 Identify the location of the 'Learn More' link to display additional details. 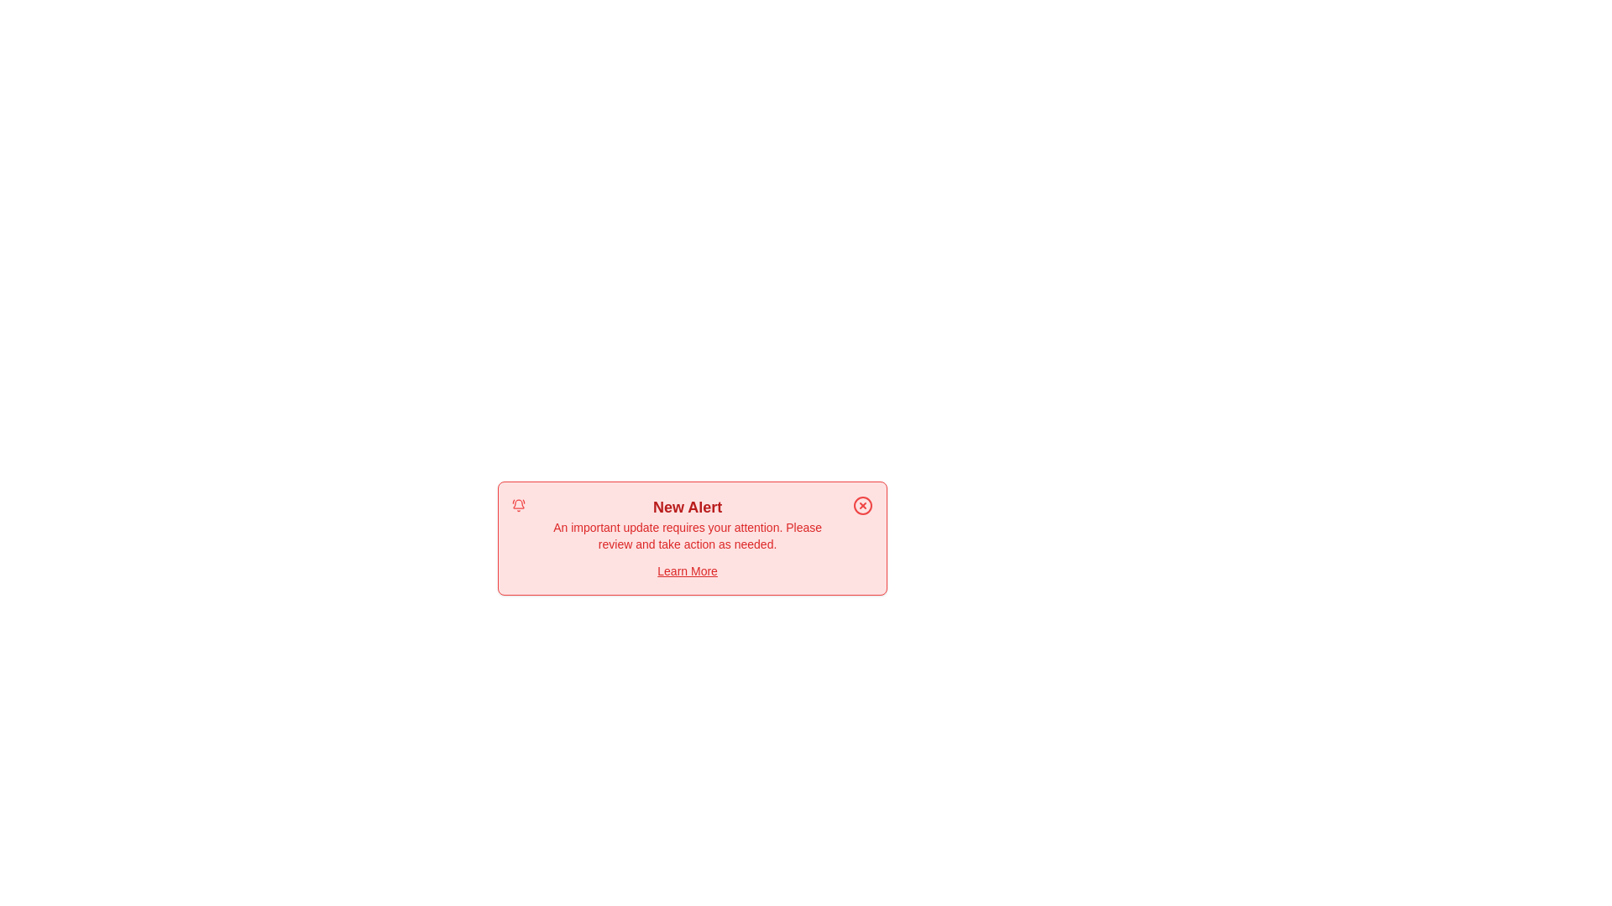
(688, 570).